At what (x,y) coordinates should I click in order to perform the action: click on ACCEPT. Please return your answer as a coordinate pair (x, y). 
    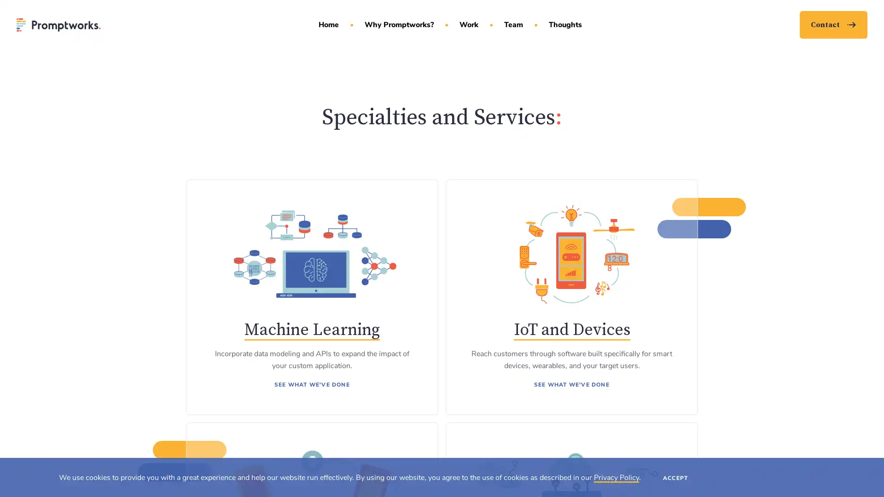
    Looking at the image, I should click on (675, 477).